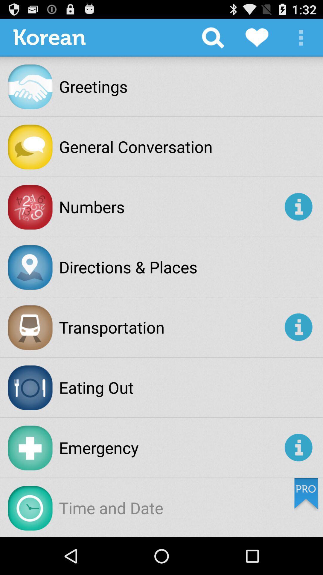  I want to click on the icon above general conversation icon, so click(213, 37).